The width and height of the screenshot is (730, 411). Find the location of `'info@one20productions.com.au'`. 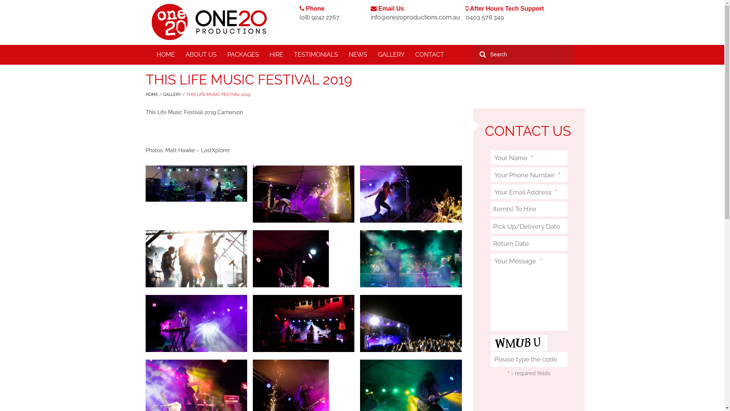

'info@one20productions.com.au' is located at coordinates (415, 17).